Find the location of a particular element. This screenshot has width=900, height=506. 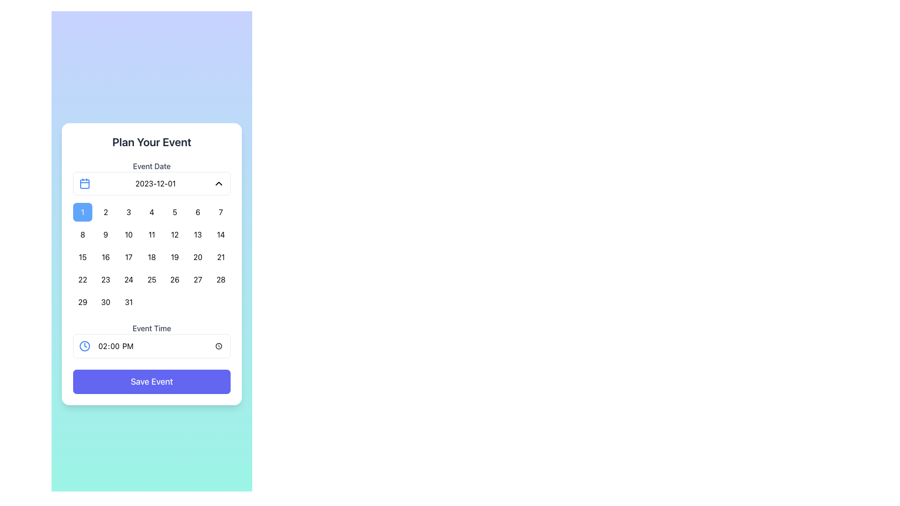

the Dropdown display element for the Event Date, which currently shows '2023-12-01' is located at coordinates (152, 184).